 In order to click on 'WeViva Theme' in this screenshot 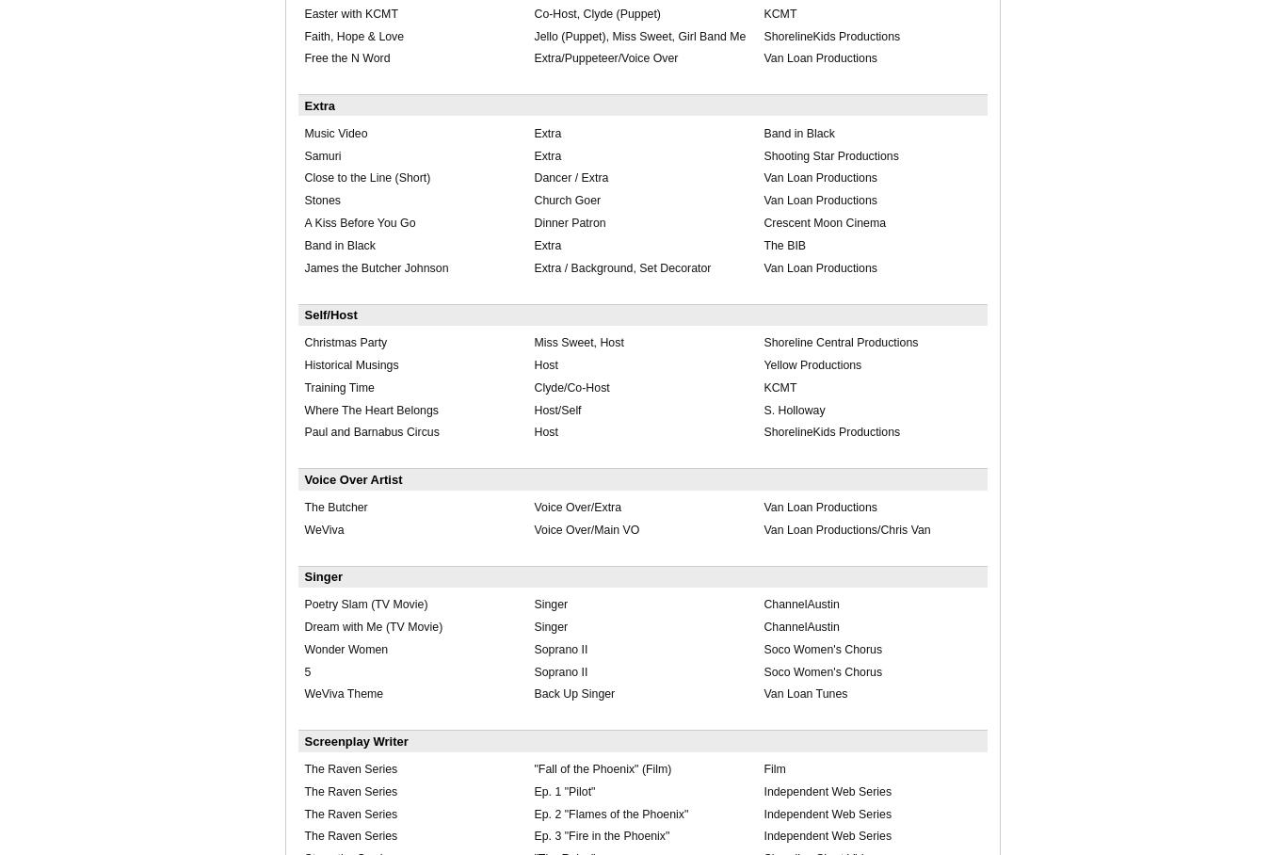, I will do `click(342, 694)`.